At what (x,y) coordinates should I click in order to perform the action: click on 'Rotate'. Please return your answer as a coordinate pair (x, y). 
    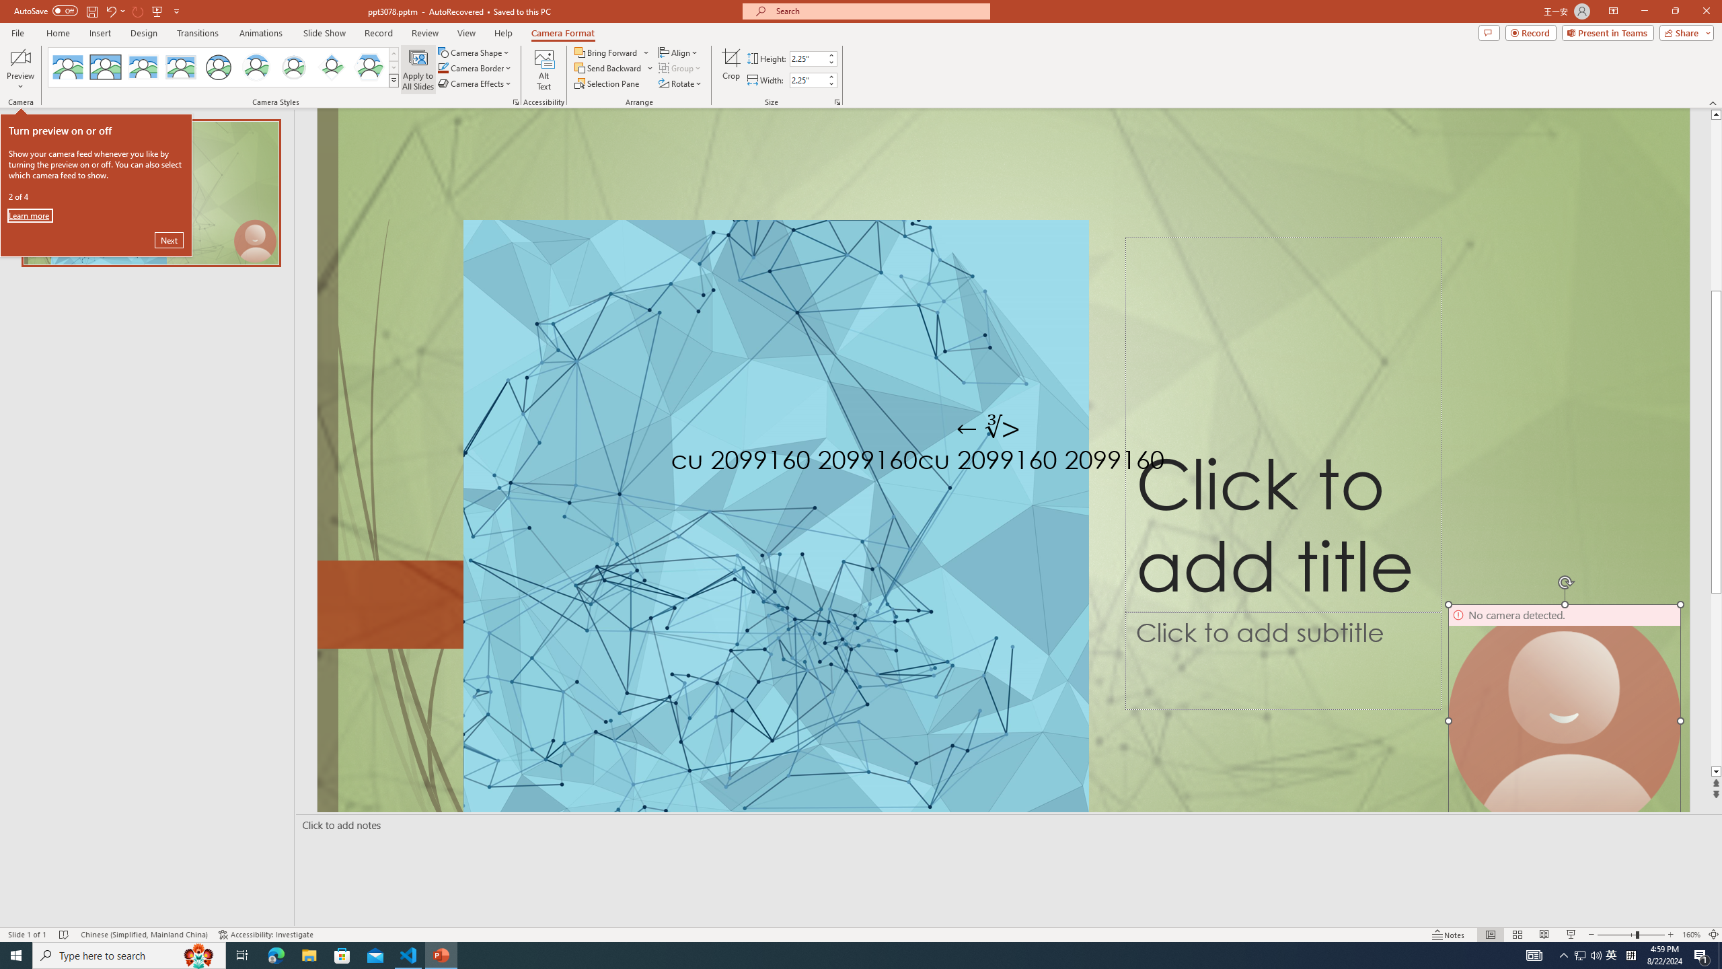
    Looking at the image, I should click on (680, 82).